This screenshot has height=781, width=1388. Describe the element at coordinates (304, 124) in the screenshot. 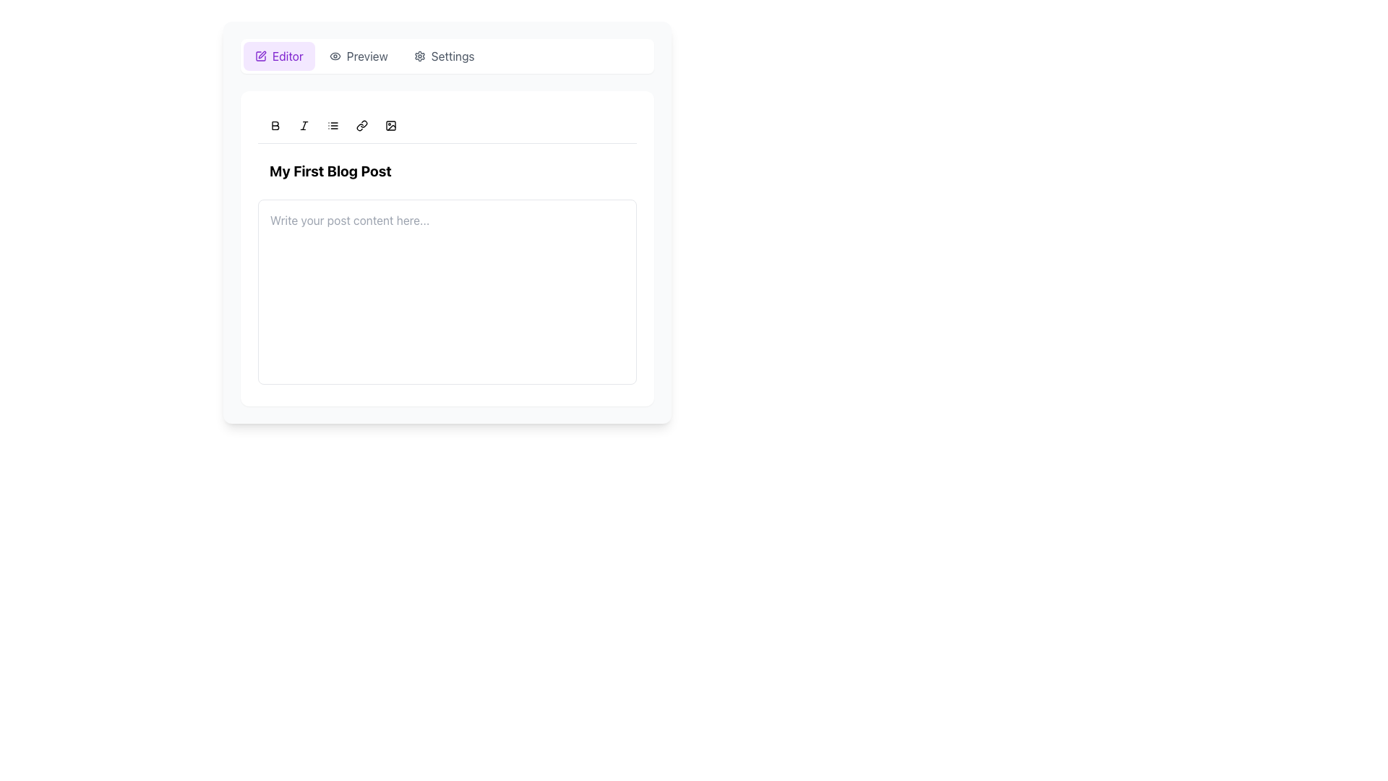

I see `the italic formatting button located in the text formatting section of the blog editor, which is the second button from the left, directly to the right of the bold 'B' button` at that location.